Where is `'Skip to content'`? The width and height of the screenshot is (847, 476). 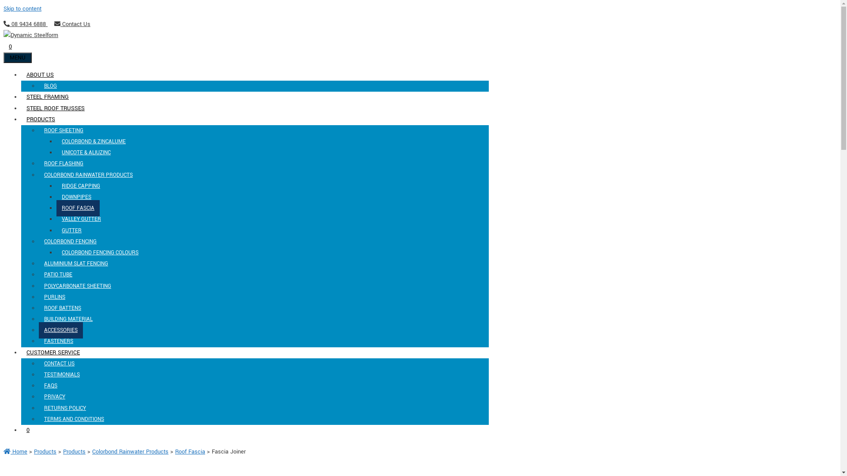
'Skip to content' is located at coordinates (22, 8).